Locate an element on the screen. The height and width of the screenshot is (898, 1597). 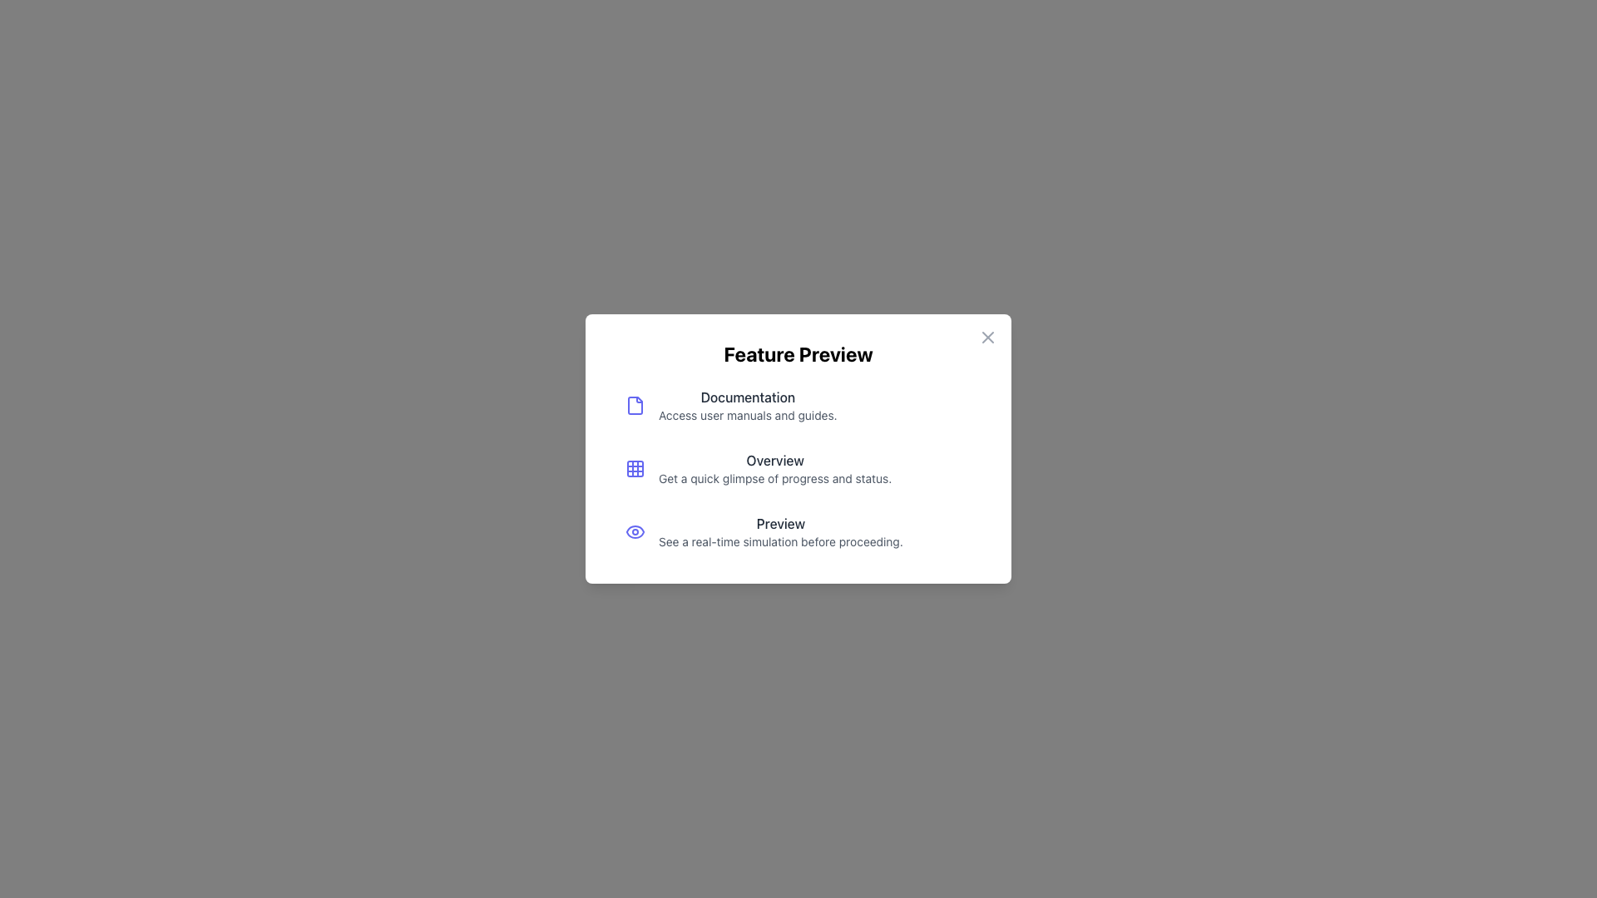
the third list item in the modal dialog box, which features an indigo eye-shaped icon and bold text titled 'Preview' is located at coordinates (798, 532).